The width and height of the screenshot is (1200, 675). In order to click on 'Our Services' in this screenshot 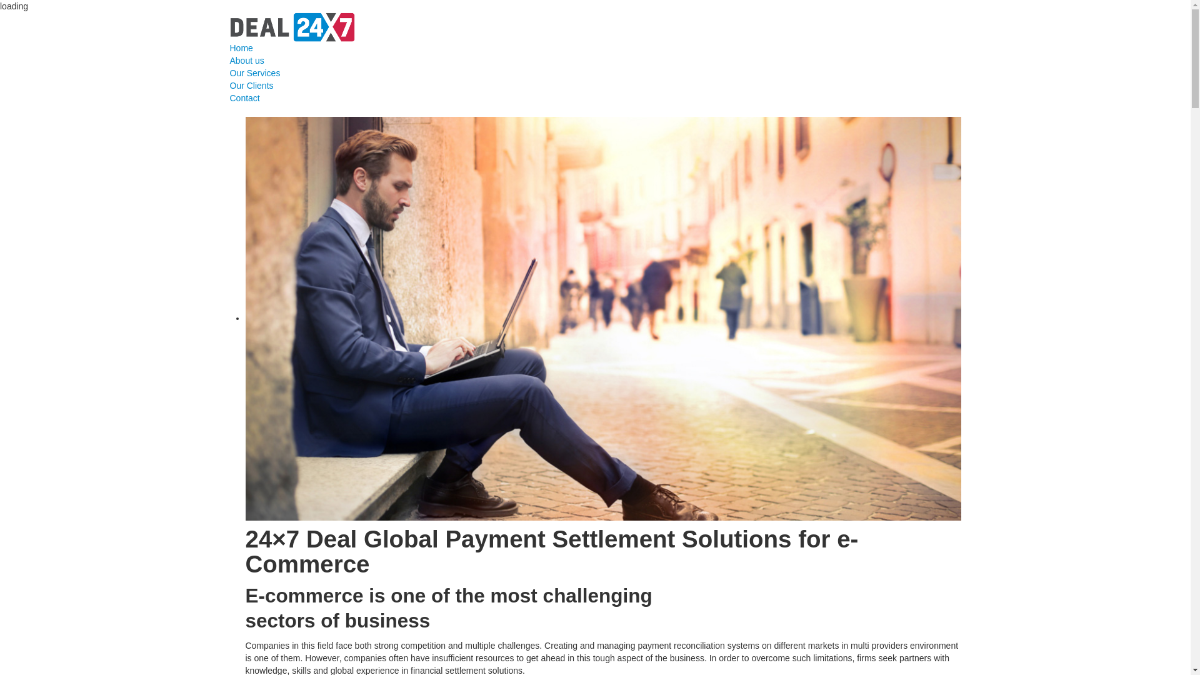, I will do `click(595, 72)`.